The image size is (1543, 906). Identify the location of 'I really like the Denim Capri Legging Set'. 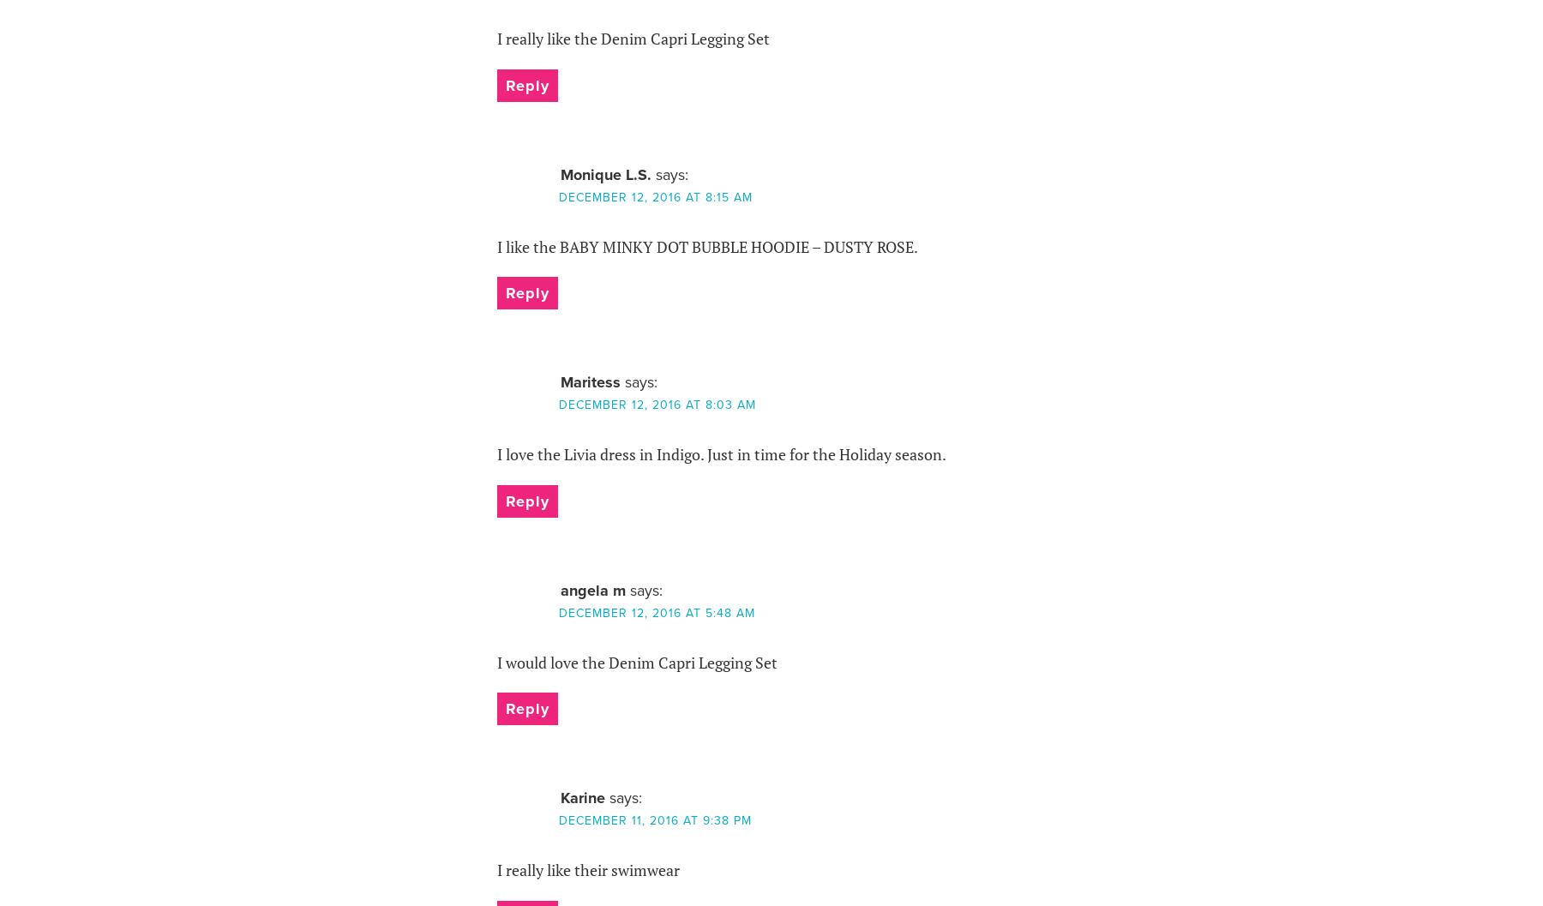
(632, 39).